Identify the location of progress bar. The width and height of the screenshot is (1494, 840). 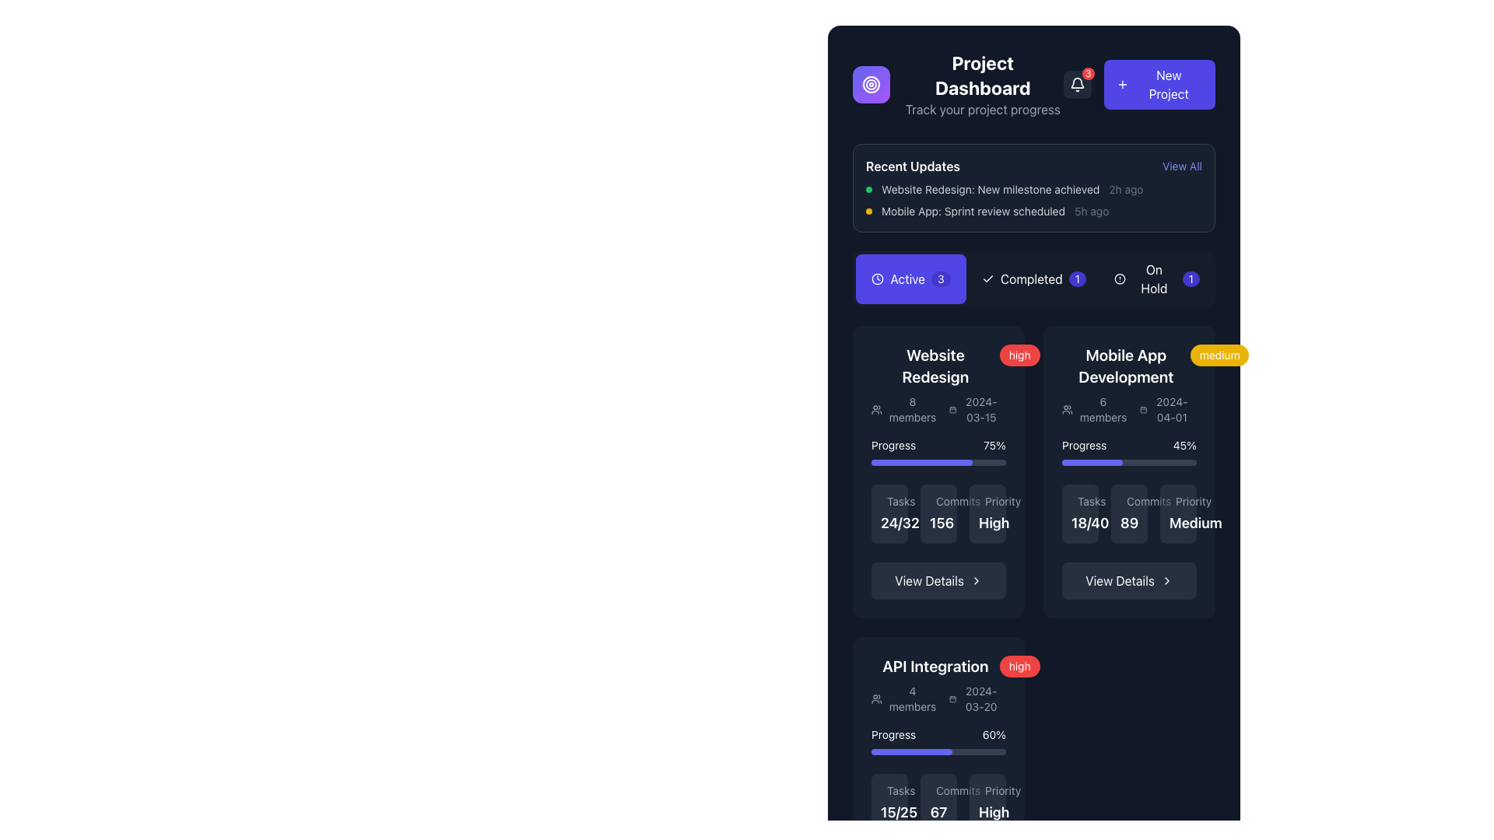
(926, 751).